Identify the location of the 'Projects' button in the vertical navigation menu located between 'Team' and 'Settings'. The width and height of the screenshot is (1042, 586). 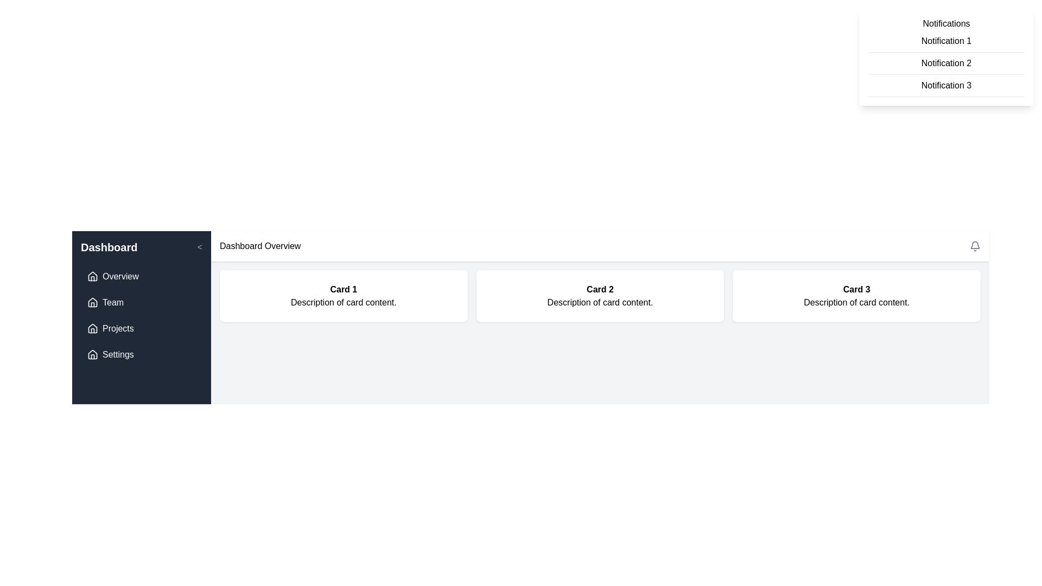
(141, 328).